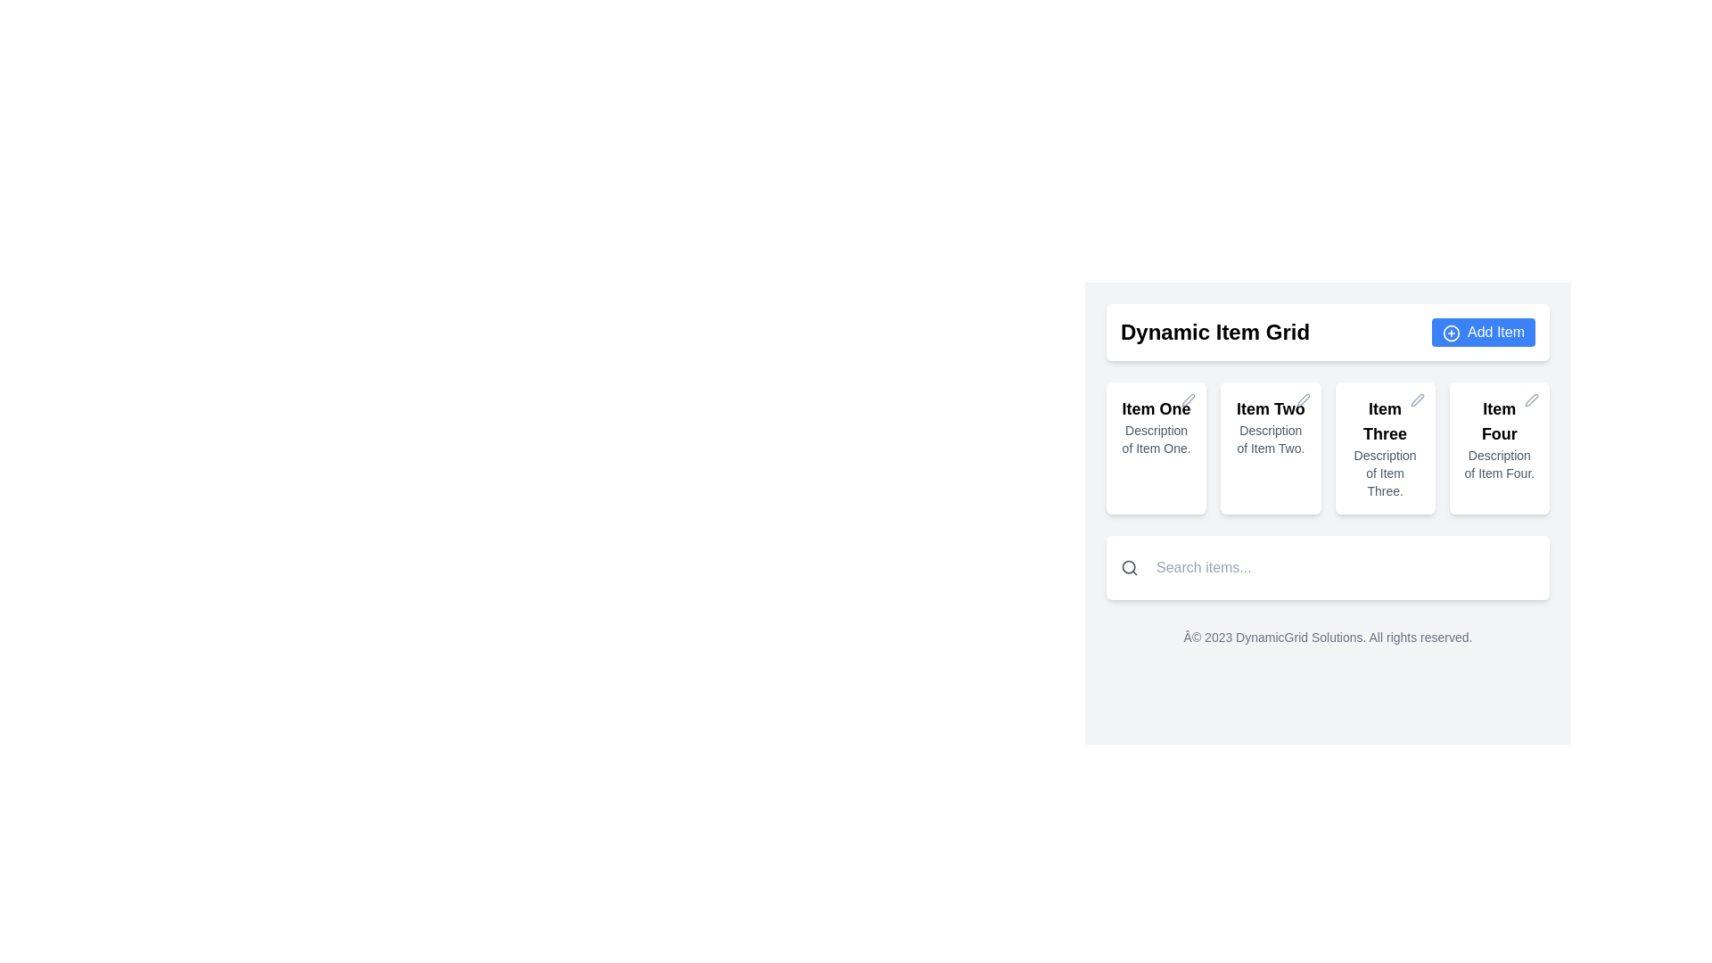 The height and width of the screenshot is (963, 1712). What do you see at coordinates (1270, 440) in the screenshot?
I see `the text label providing supplementary information for 'Item Two', located below its title in the second card of a horizontally aligned grid of four cards` at bounding box center [1270, 440].